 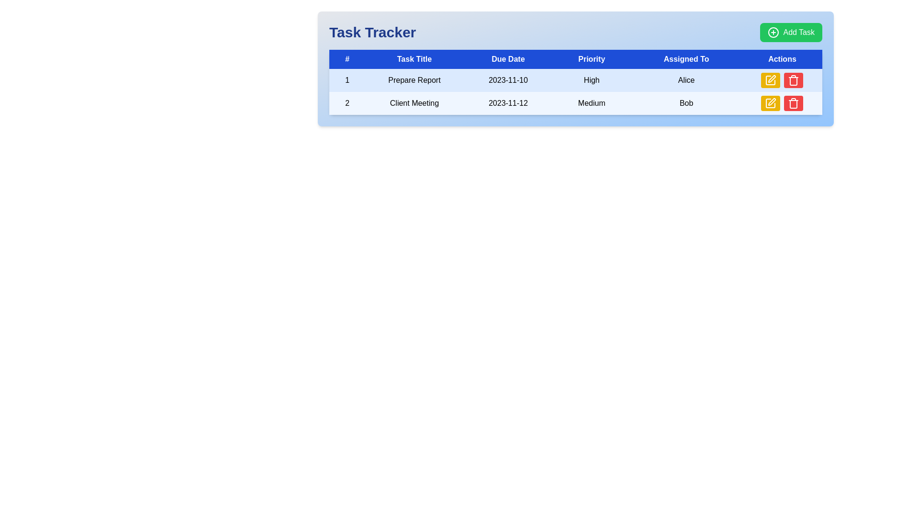 What do you see at coordinates (791, 32) in the screenshot?
I see `the 'Add Task' button located at the top-right corner of the 'Task Tracker' section` at bounding box center [791, 32].